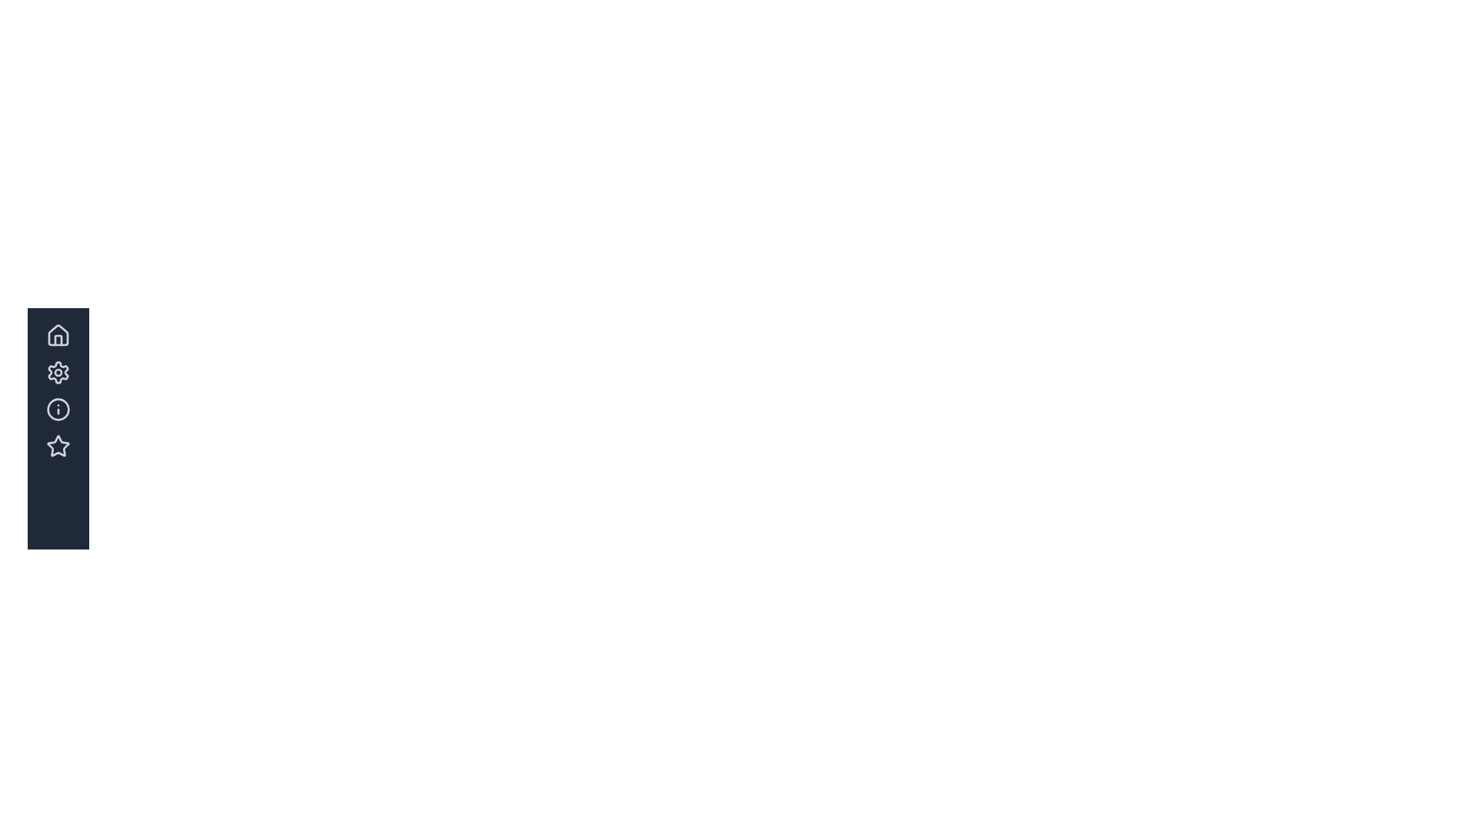  Describe the element at coordinates (58, 408) in the screenshot. I see `the info icon located in the left-hand sidebar, which is the third icon in a vertical list of four icons` at that location.